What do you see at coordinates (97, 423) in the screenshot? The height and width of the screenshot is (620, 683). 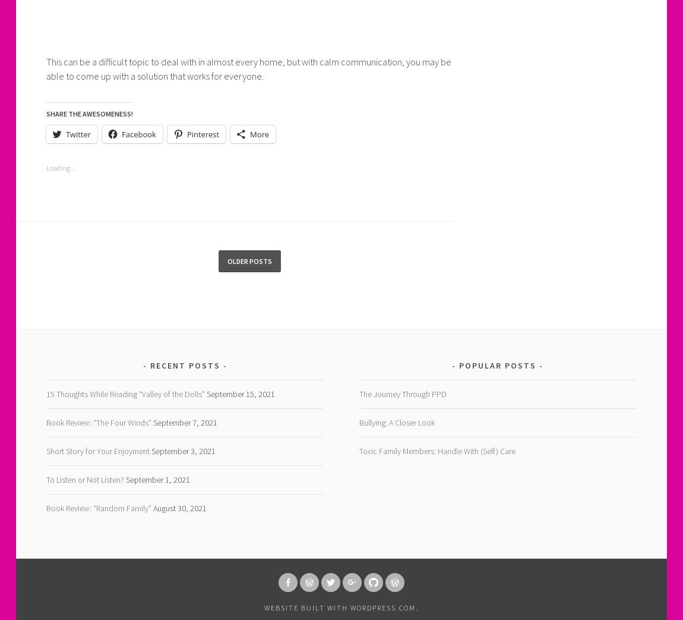 I see `'Book Review: “The Four Winds”'` at bounding box center [97, 423].